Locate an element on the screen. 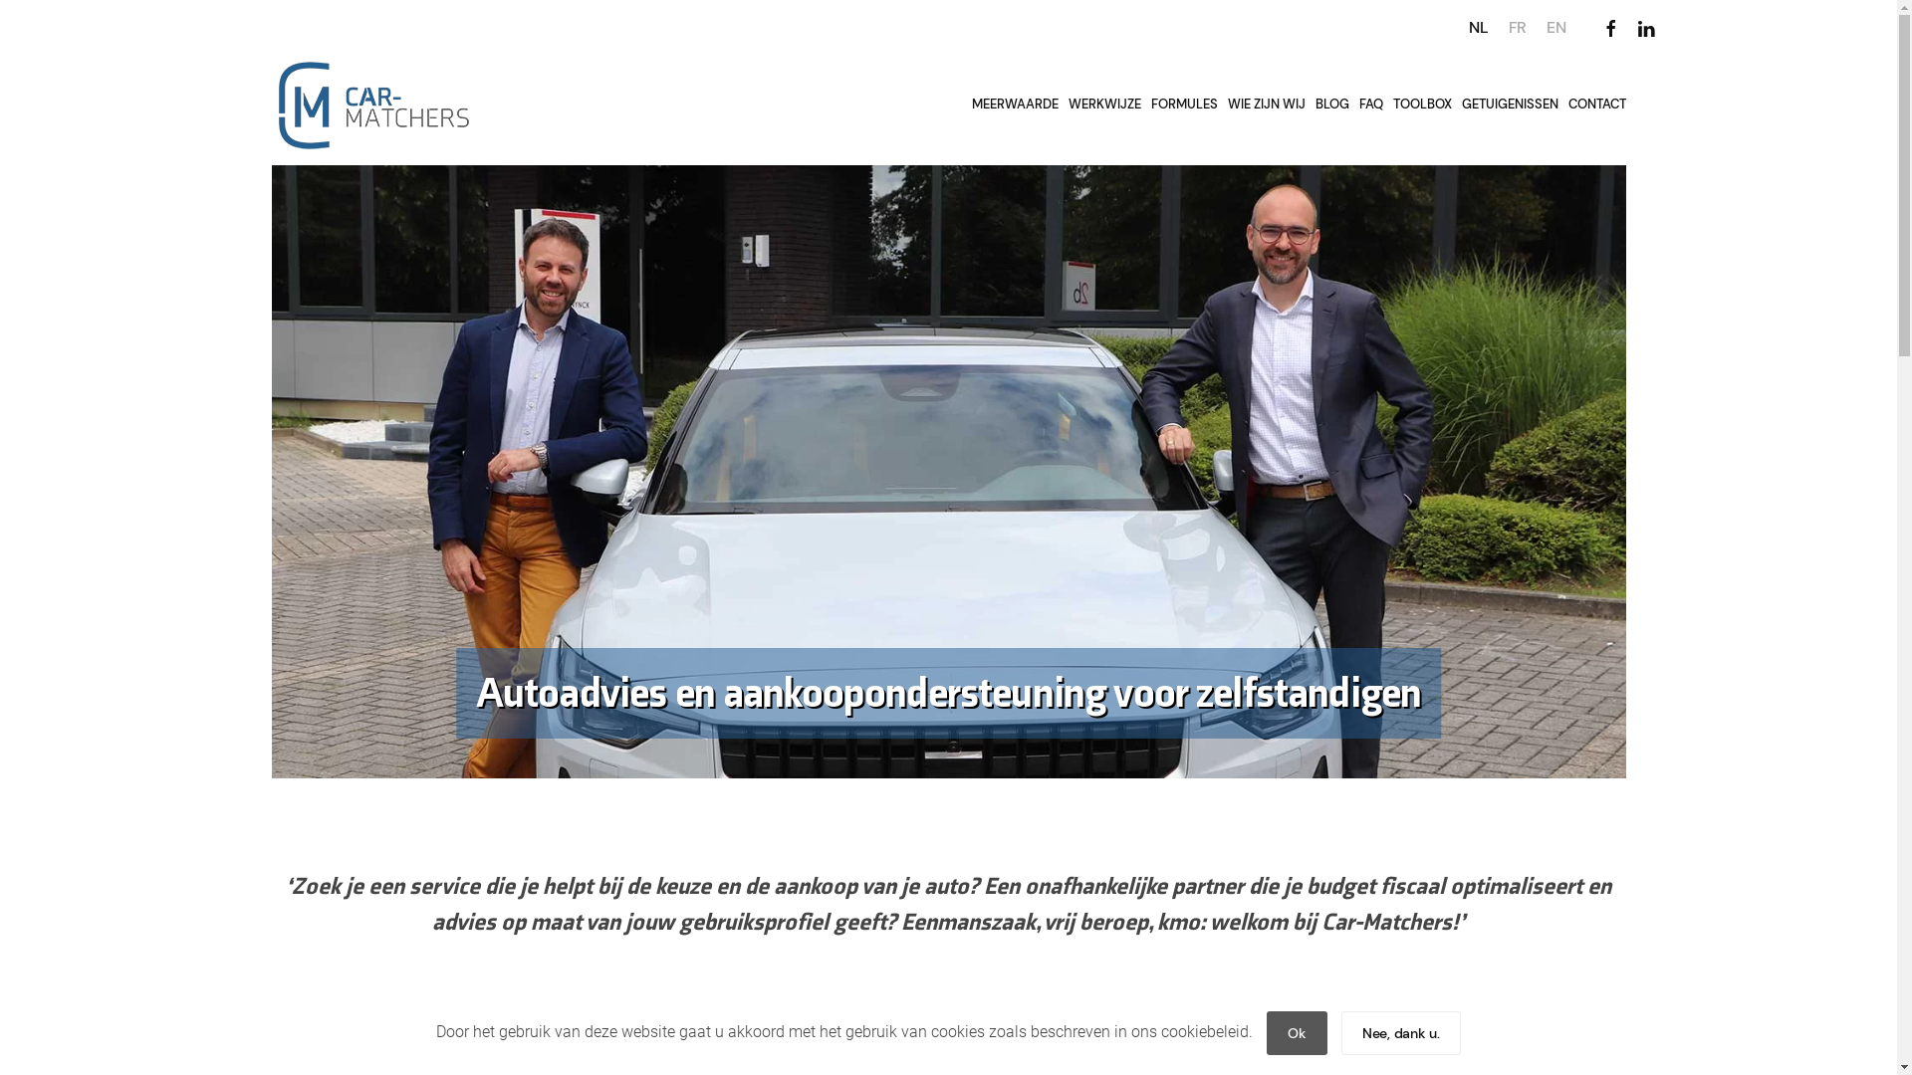 The image size is (1912, 1075). 'Ok' is located at coordinates (1296, 1031).